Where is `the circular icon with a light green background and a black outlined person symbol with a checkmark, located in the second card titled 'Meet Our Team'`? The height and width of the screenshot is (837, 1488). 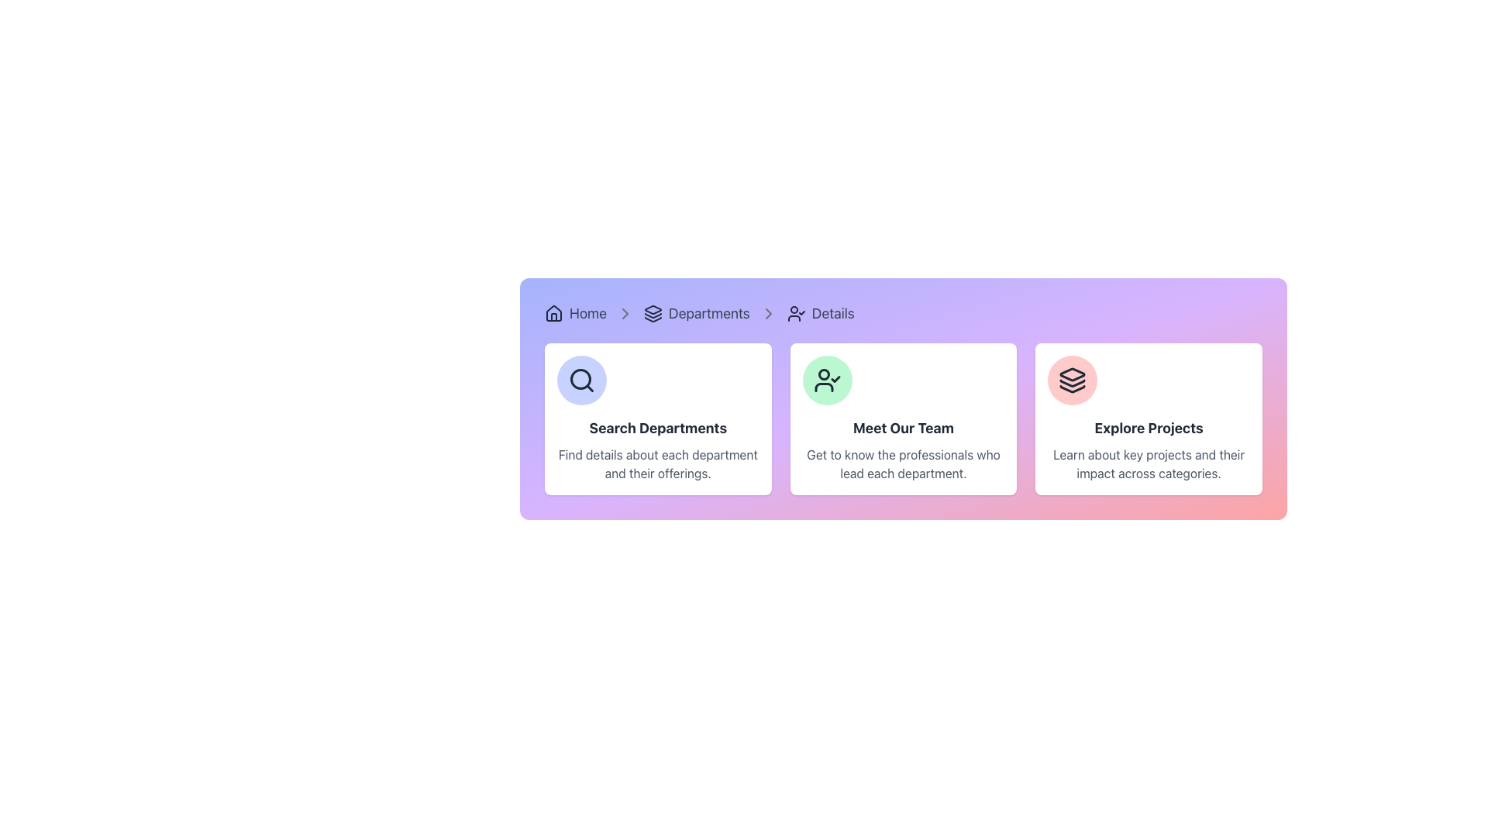 the circular icon with a light green background and a black outlined person symbol with a checkmark, located in the second card titled 'Meet Our Team' is located at coordinates (826, 380).